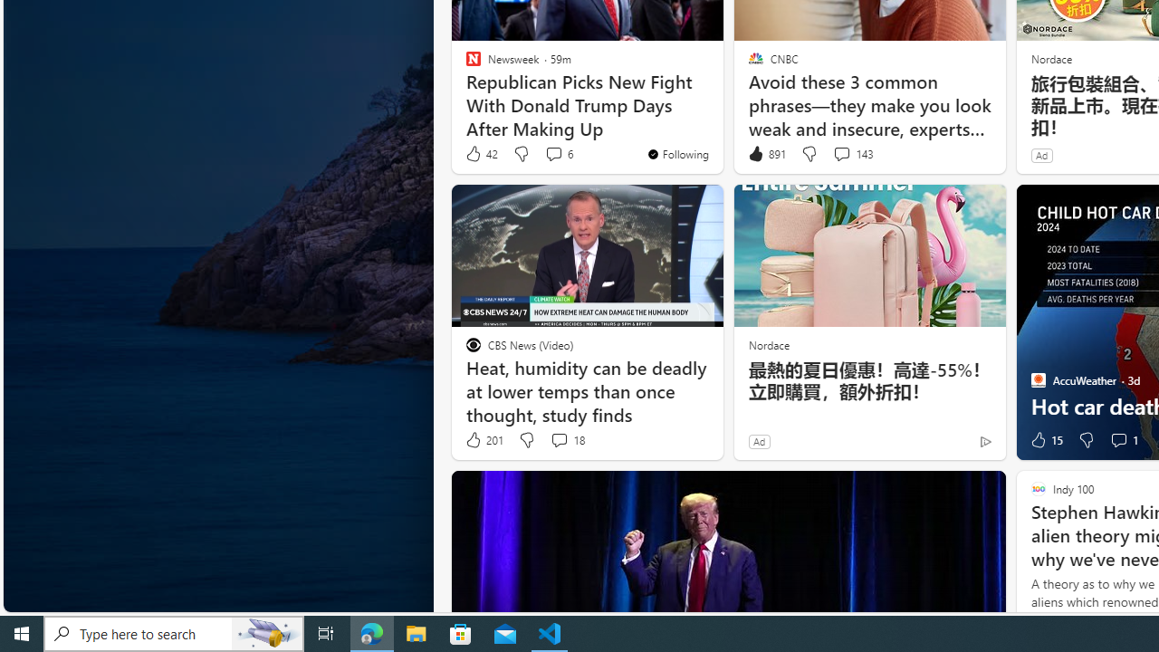 The image size is (1159, 652). Describe the element at coordinates (484, 440) in the screenshot. I see `'201 Like'` at that location.